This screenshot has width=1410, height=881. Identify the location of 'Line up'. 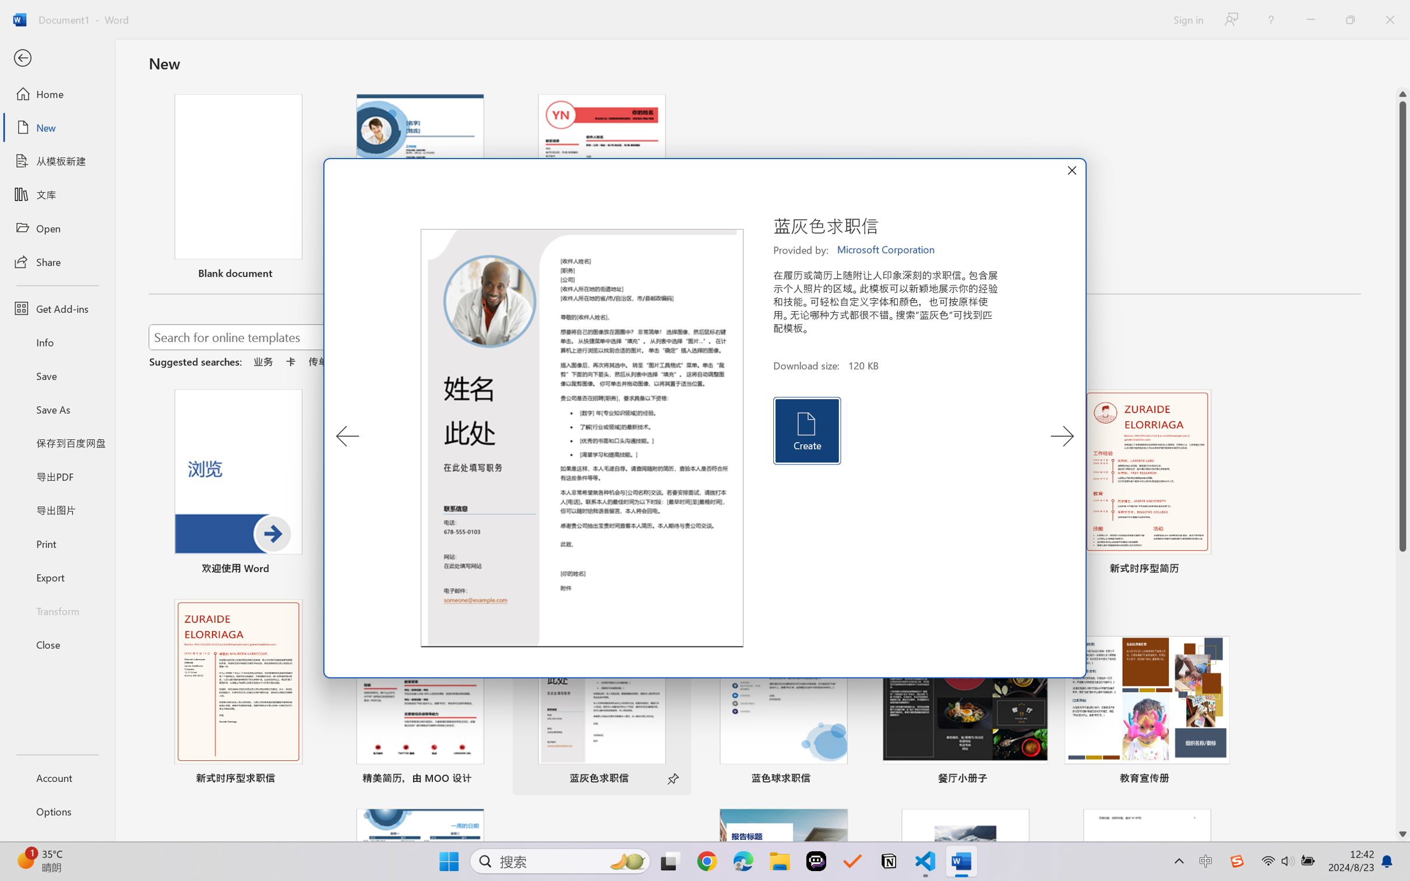
(1402, 94).